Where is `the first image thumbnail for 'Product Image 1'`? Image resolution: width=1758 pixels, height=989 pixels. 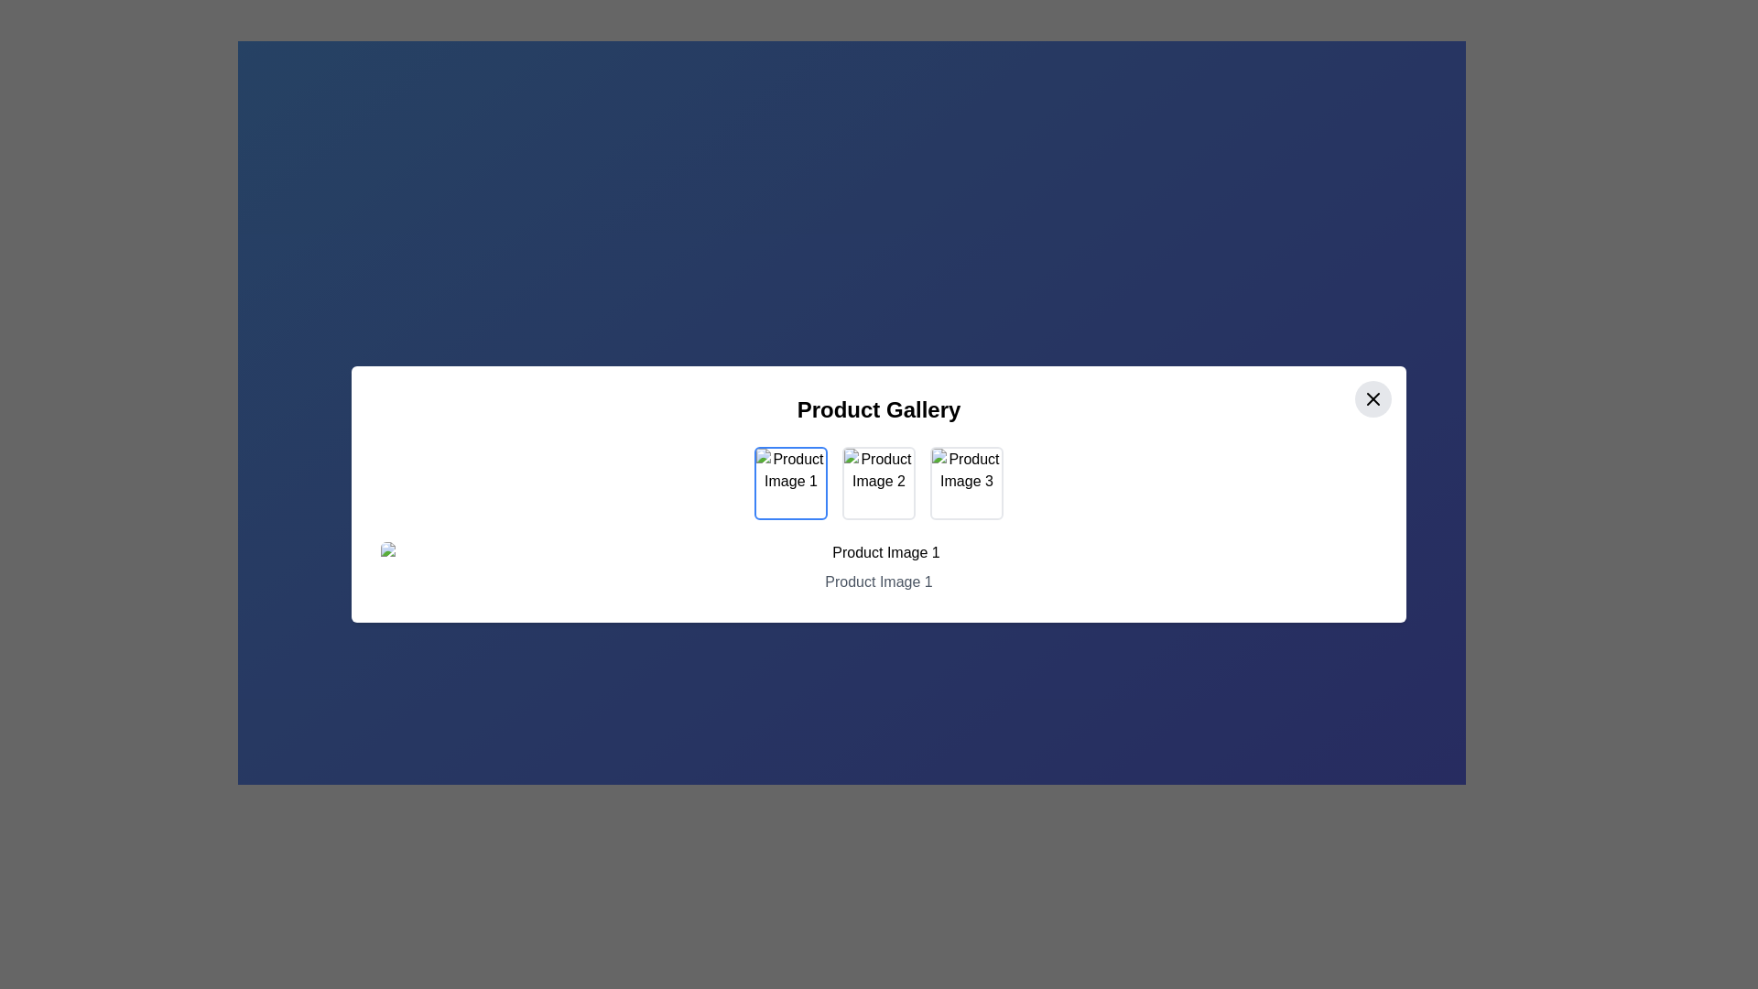 the first image thumbnail for 'Product Image 1' is located at coordinates (791, 483).